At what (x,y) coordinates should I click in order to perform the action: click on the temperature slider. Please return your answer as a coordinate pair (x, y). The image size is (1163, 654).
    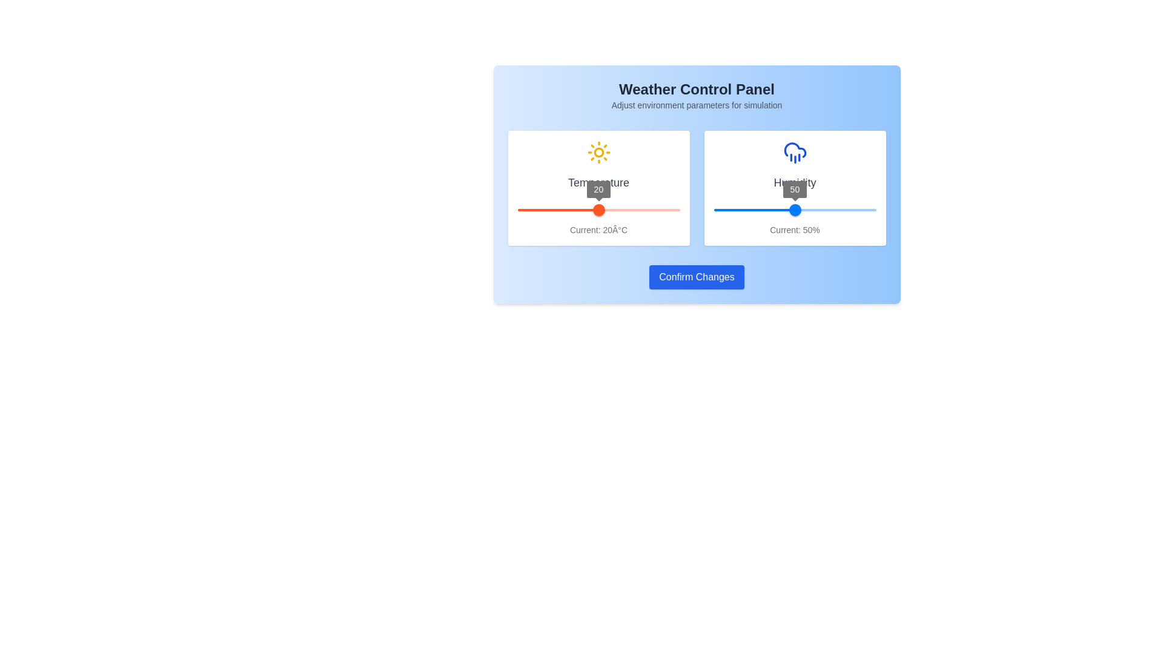
    Looking at the image, I should click on (601, 210).